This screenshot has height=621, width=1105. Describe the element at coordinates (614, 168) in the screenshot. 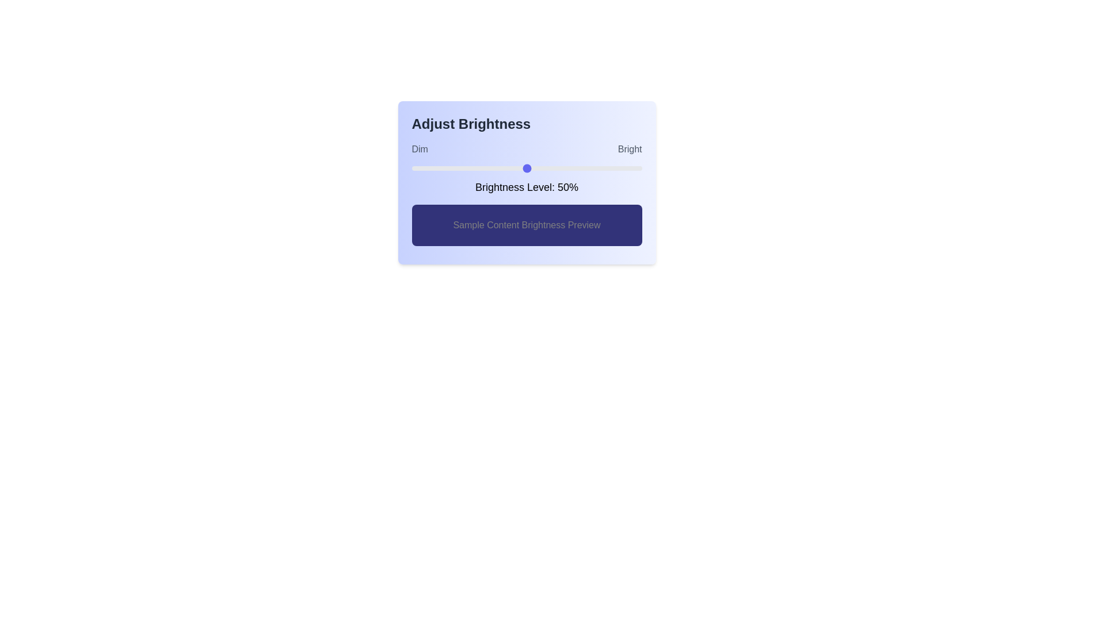

I see `the brightness slider to 88%` at that location.